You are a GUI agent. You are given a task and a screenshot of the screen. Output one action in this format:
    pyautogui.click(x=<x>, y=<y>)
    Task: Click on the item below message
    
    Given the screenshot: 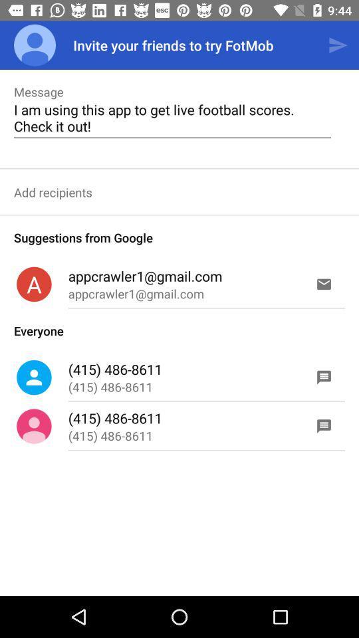 What is the action you would take?
    pyautogui.click(x=172, y=117)
    